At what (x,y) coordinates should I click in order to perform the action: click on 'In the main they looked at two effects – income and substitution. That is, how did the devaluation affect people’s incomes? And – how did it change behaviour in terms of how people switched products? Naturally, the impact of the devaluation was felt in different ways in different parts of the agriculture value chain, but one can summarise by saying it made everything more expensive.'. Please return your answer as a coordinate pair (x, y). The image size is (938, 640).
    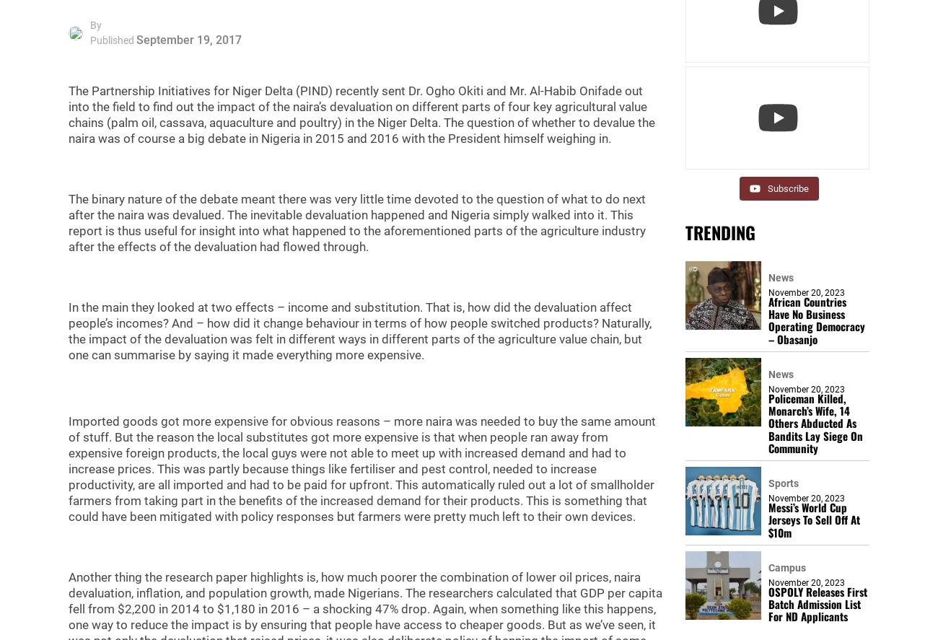
    Looking at the image, I should click on (359, 330).